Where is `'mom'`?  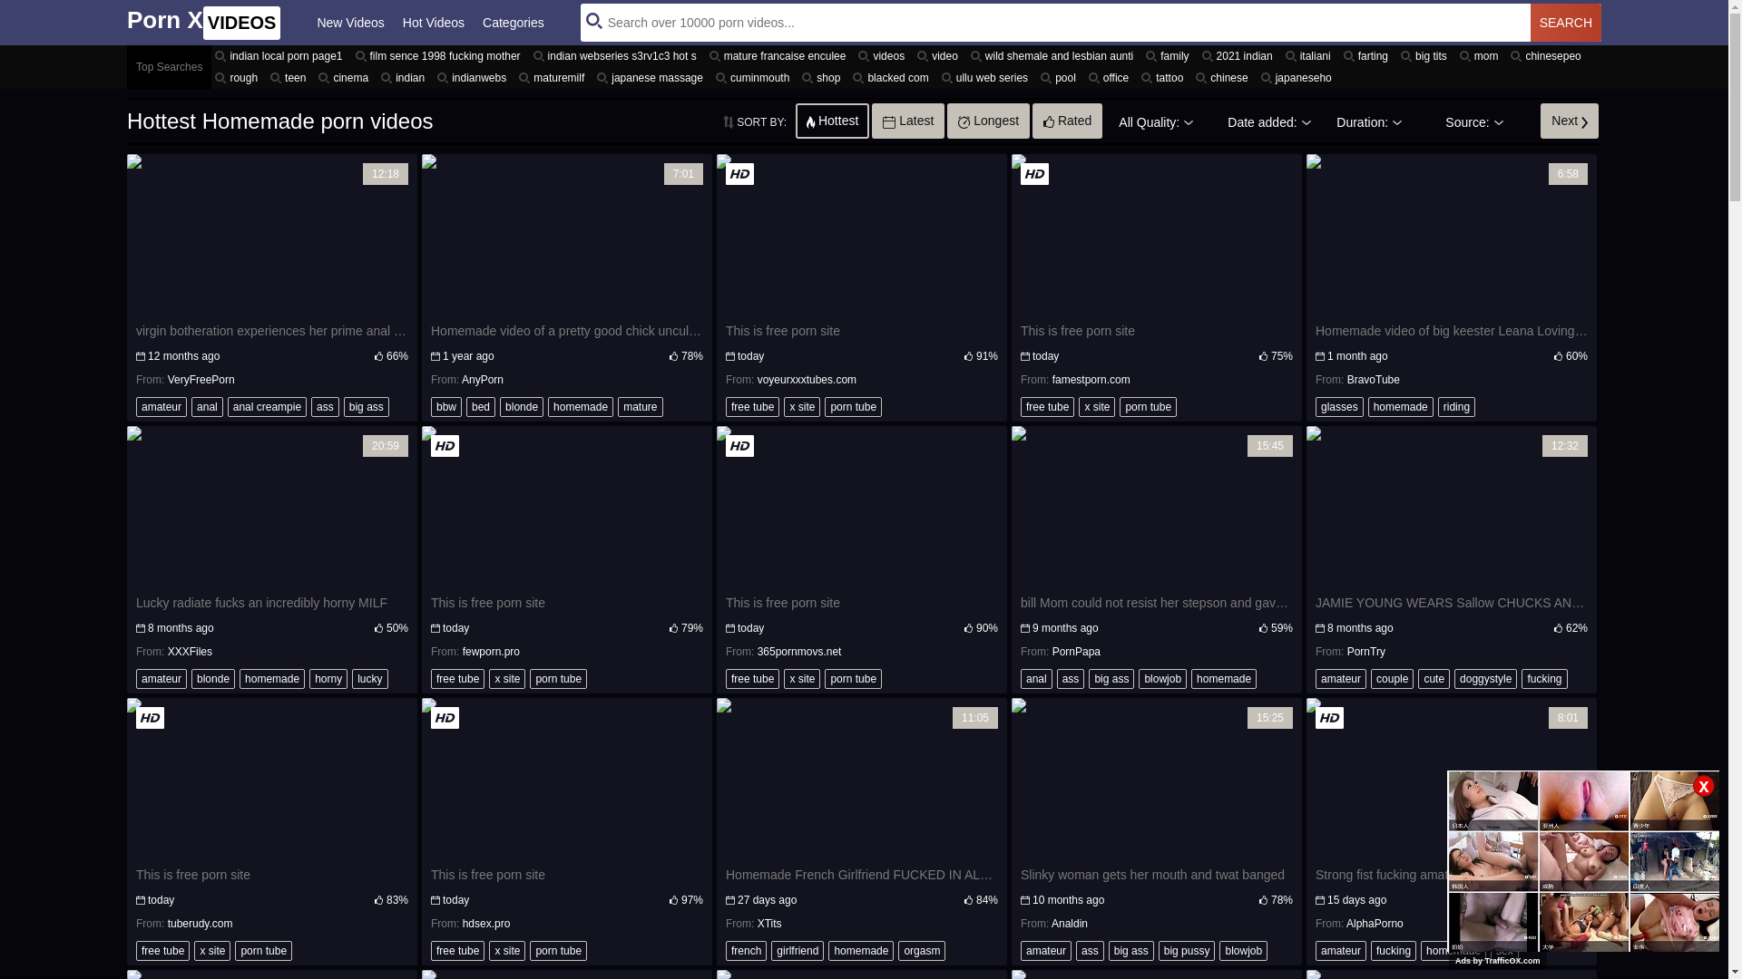 'mom' is located at coordinates (1482, 54).